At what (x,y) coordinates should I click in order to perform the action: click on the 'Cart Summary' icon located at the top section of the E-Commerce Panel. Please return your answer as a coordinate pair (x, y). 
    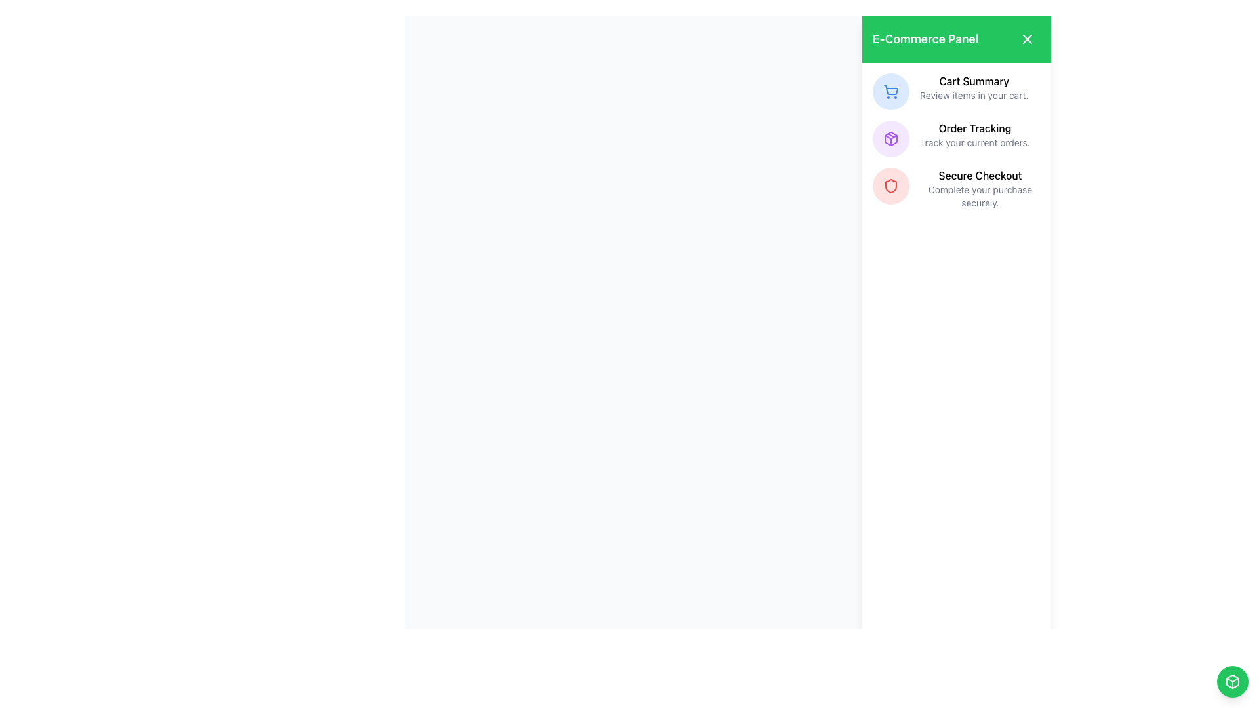
    Looking at the image, I should click on (890, 90).